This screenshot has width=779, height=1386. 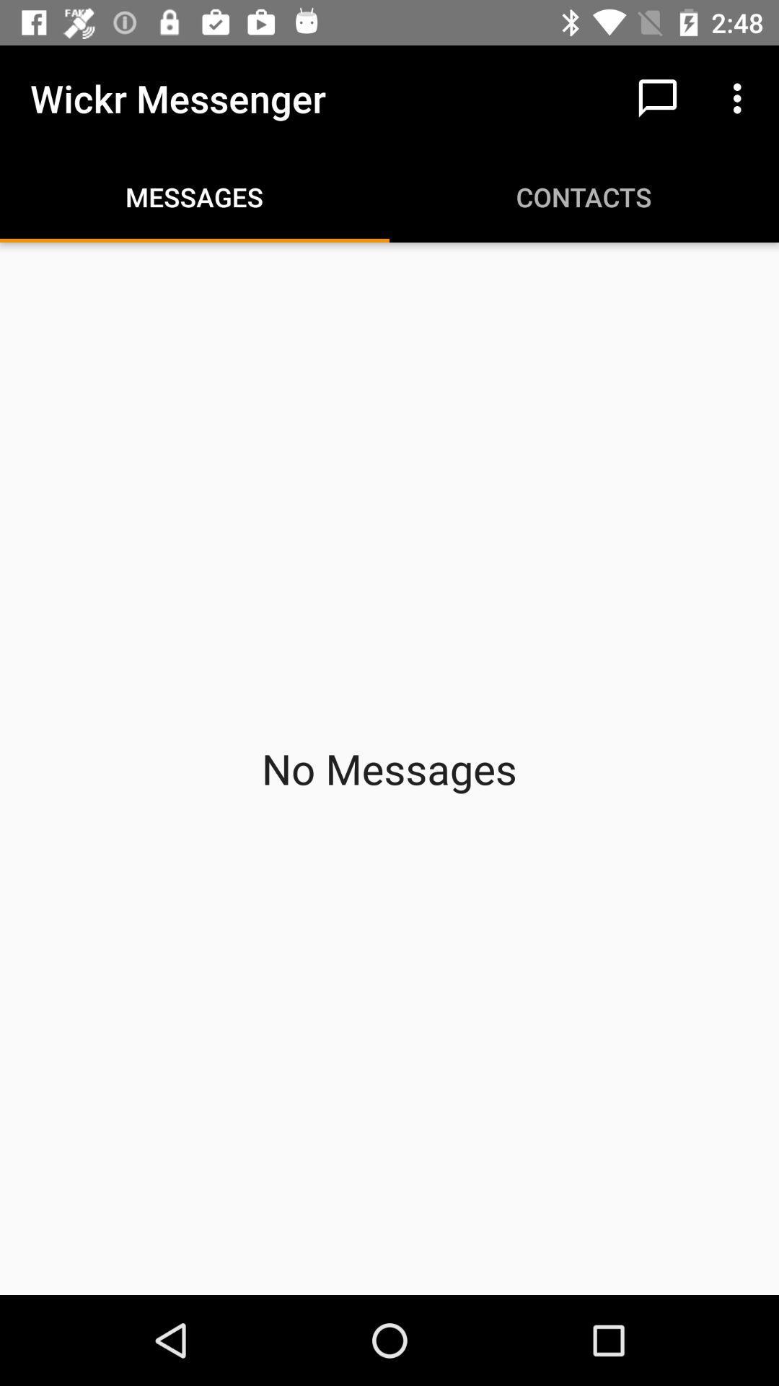 What do you see at coordinates (657, 97) in the screenshot?
I see `the item next to wickr messenger icon` at bounding box center [657, 97].